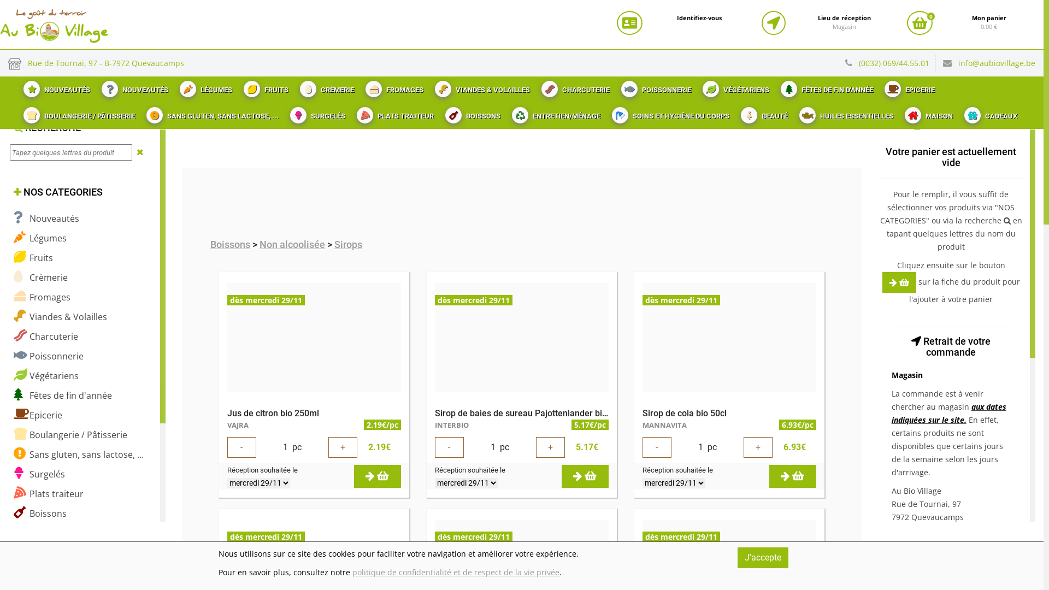 This screenshot has height=590, width=1049. I want to click on 'FROMAGES', so click(393, 86).